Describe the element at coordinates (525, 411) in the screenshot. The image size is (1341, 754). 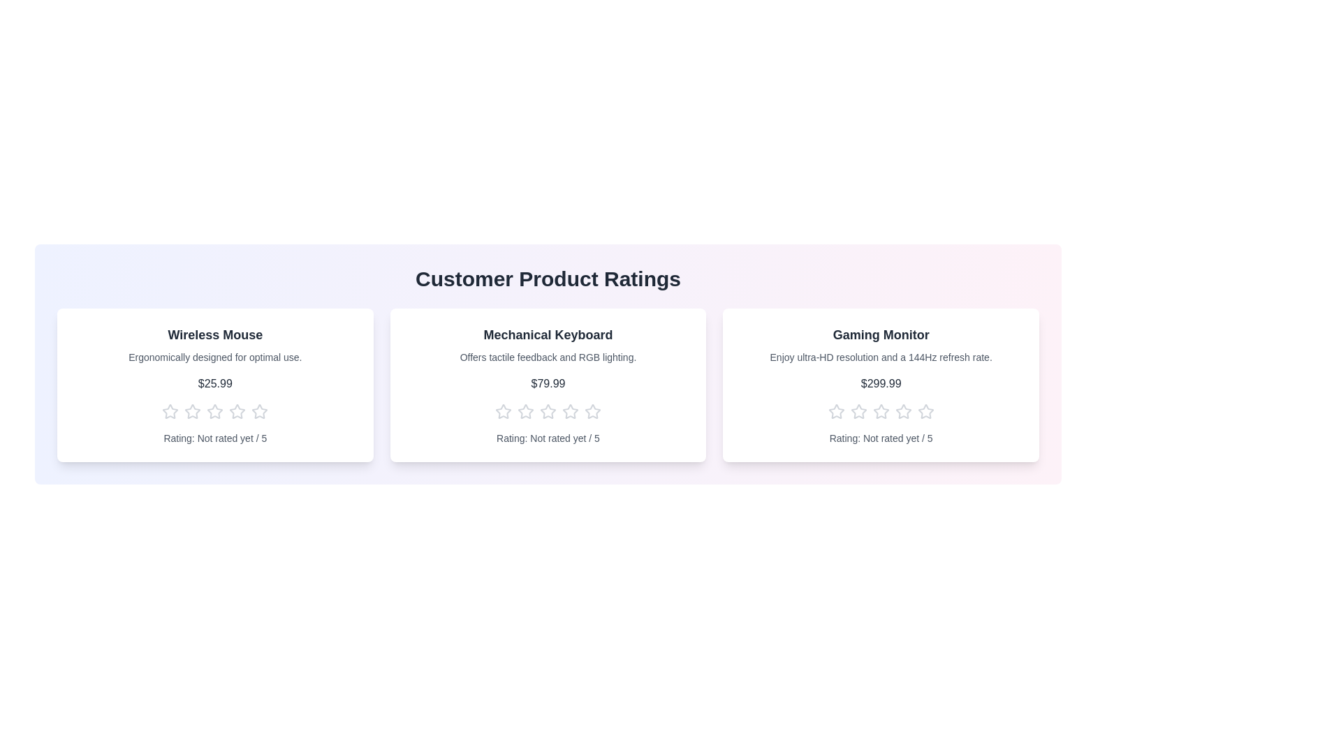
I see `the star corresponding to the rating 2 for the product Mechanical Keyboard` at that location.